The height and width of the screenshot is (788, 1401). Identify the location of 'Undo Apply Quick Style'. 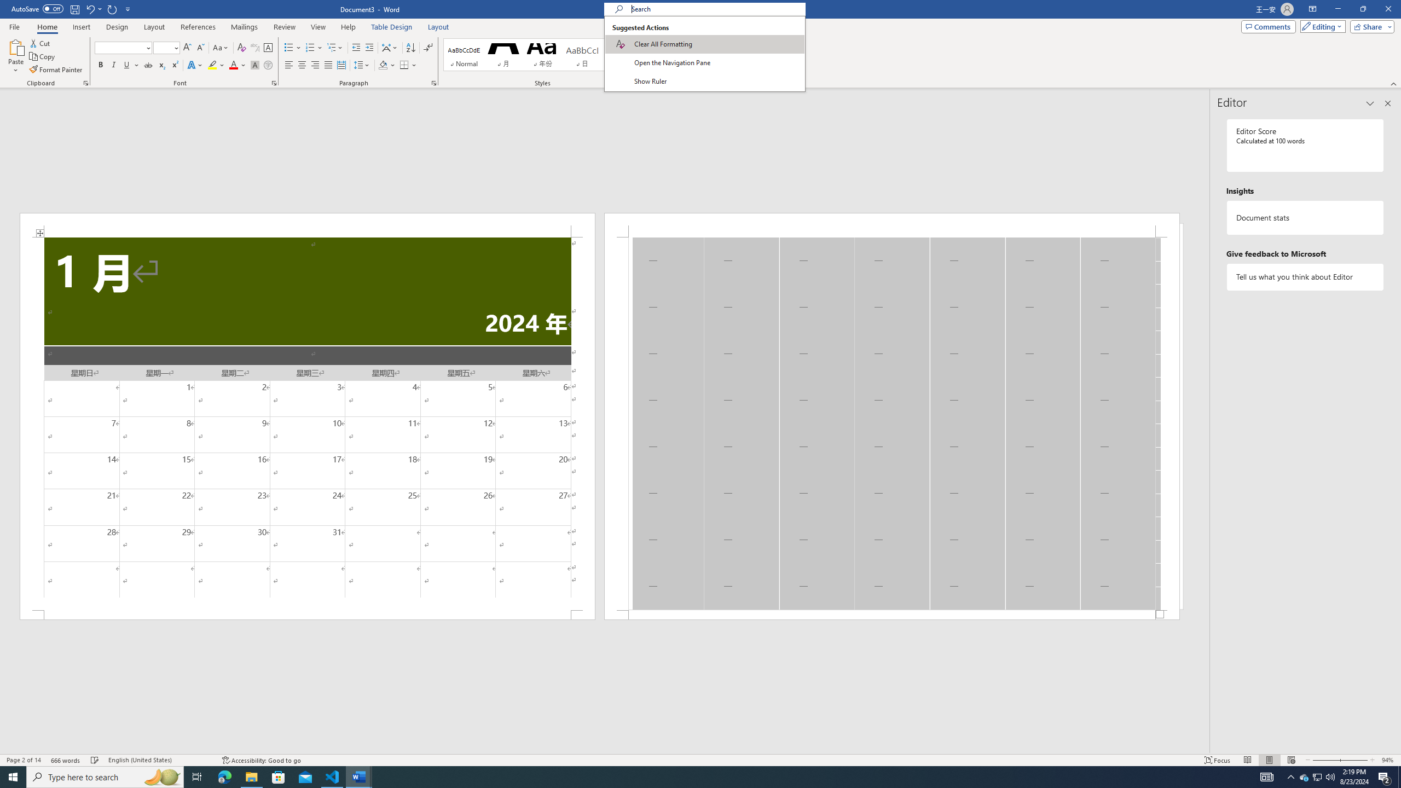
(93, 8).